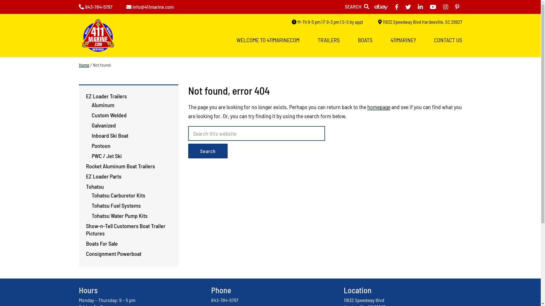 This screenshot has width=545, height=306. What do you see at coordinates (109, 115) in the screenshot?
I see `'Custom Welded'` at bounding box center [109, 115].